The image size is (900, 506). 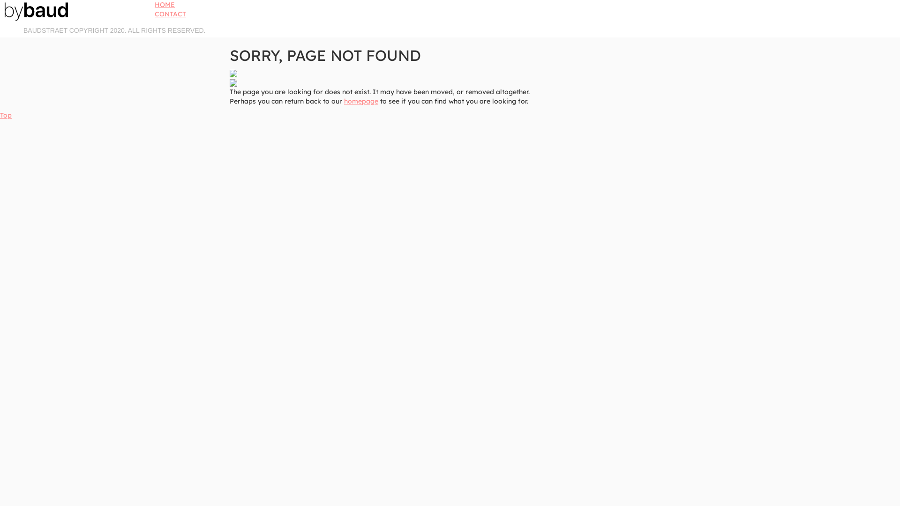 I want to click on 'HOME', so click(x=165, y=5).